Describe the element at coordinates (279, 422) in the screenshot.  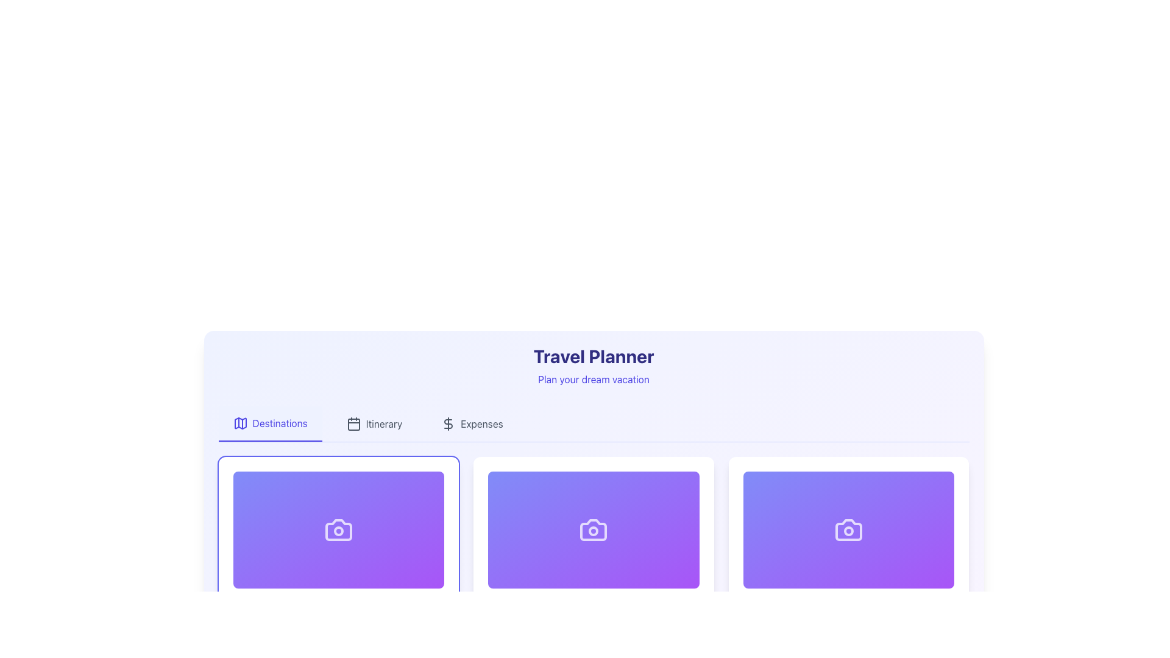
I see `the 'Destinations' text label, which is styled with a blue font and is part of a selected navigation section in a light blue background` at that location.